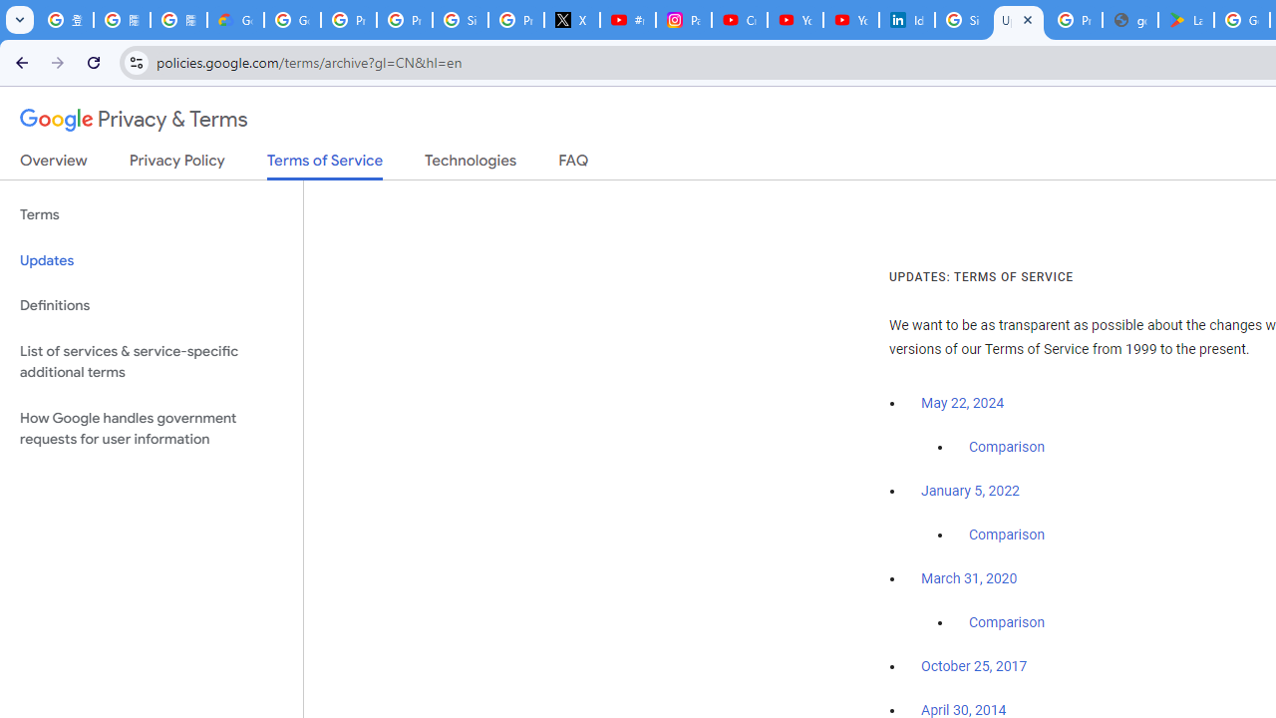  I want to click on 'Sign in - Google Accounts', so click(963, 20).